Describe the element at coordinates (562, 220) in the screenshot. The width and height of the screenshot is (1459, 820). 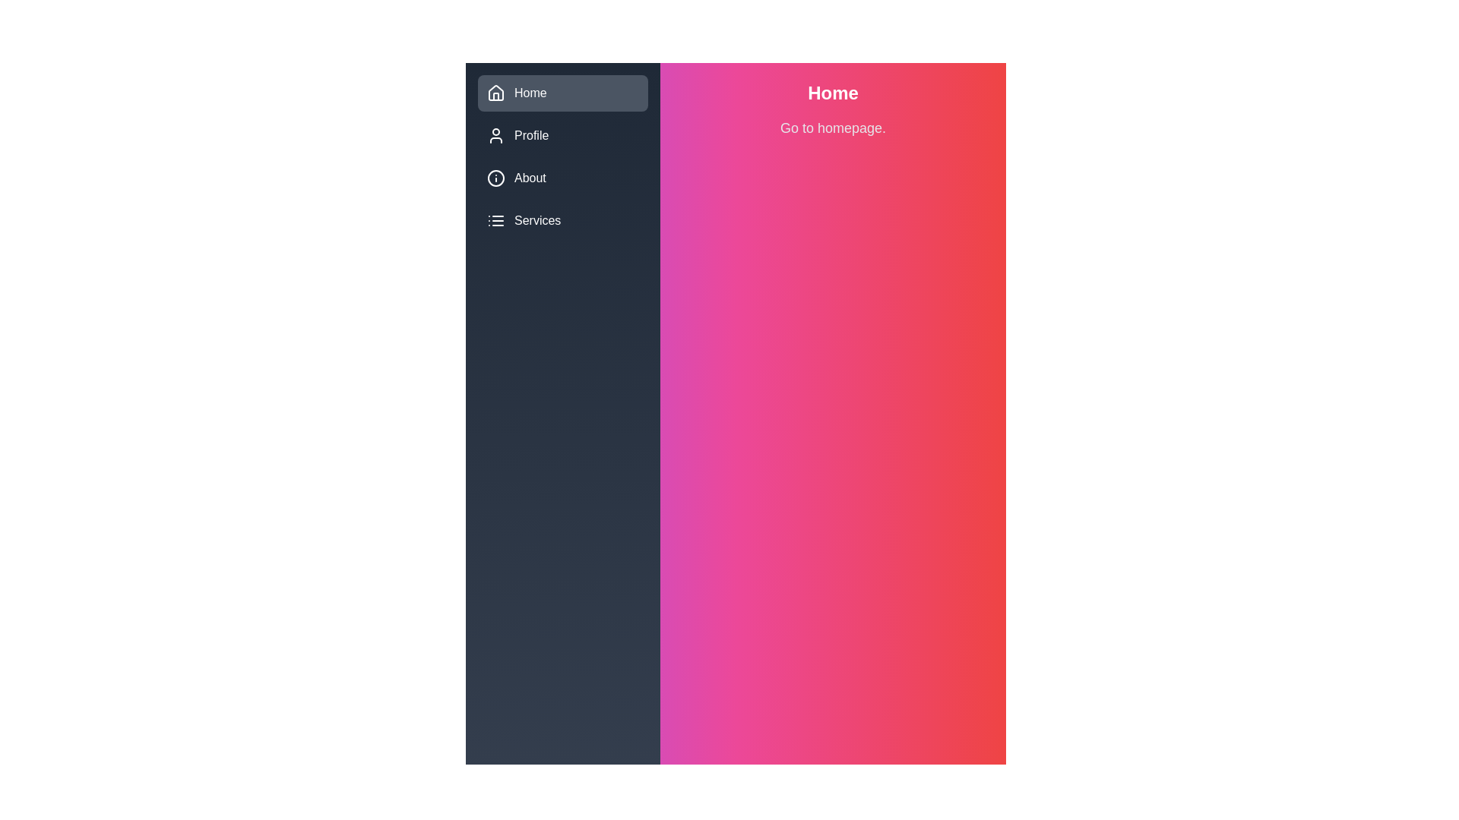
I see `the menu item Services to see its hover effect` at that location.